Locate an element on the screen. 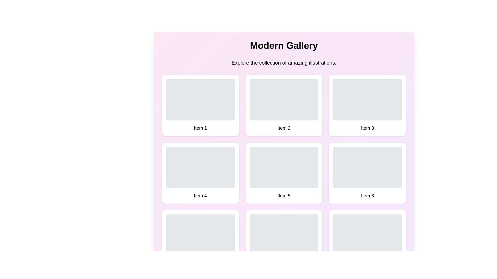  the card displaying 'Item 4', which is a rectangular card with rounded edges and a white background located in the second row, first column of the grid layout is located at coordinates (200, 173).